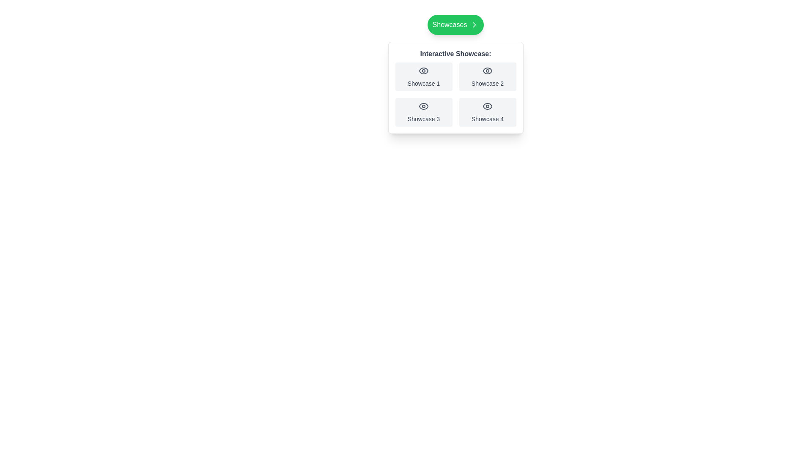 The width and height of the screenshot is (812, 456). What do you see at coordinates (475, 24) in the screenshot?
I see `the rightmost icon of the green 'Showcases' button, which indicates further navigational options related` at bounding box center [475, 24].